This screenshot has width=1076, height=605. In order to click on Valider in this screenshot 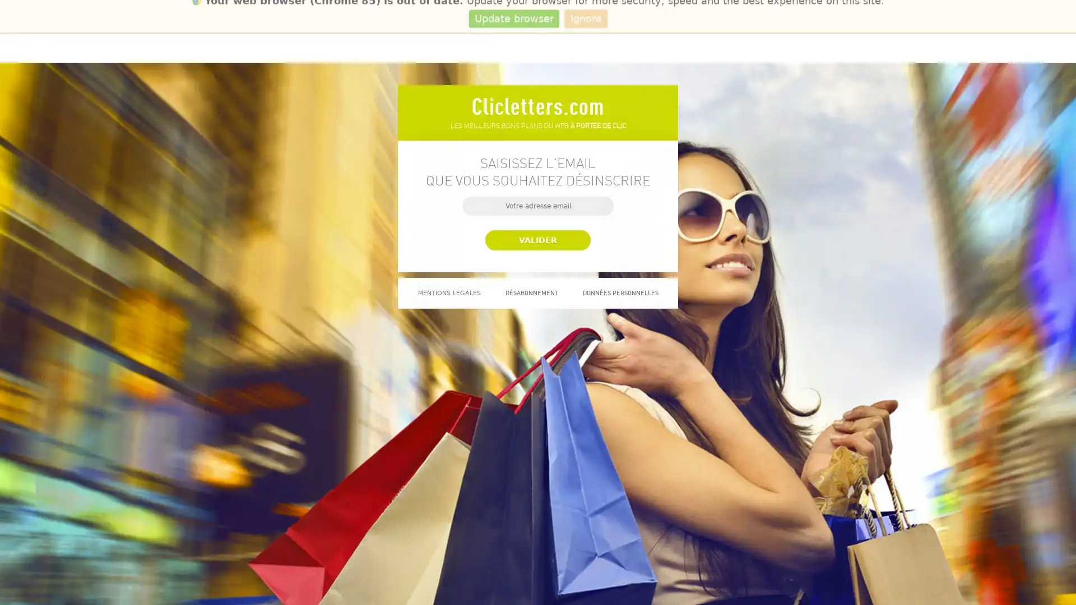, I will do `click(538, 239)`.